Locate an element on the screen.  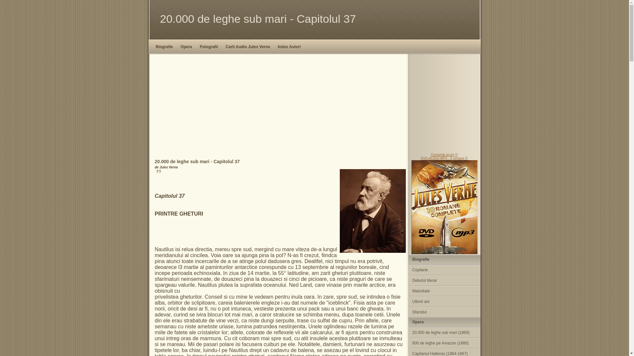
'Carti Audio Jules Verne' is located at coordinates (247, 46).